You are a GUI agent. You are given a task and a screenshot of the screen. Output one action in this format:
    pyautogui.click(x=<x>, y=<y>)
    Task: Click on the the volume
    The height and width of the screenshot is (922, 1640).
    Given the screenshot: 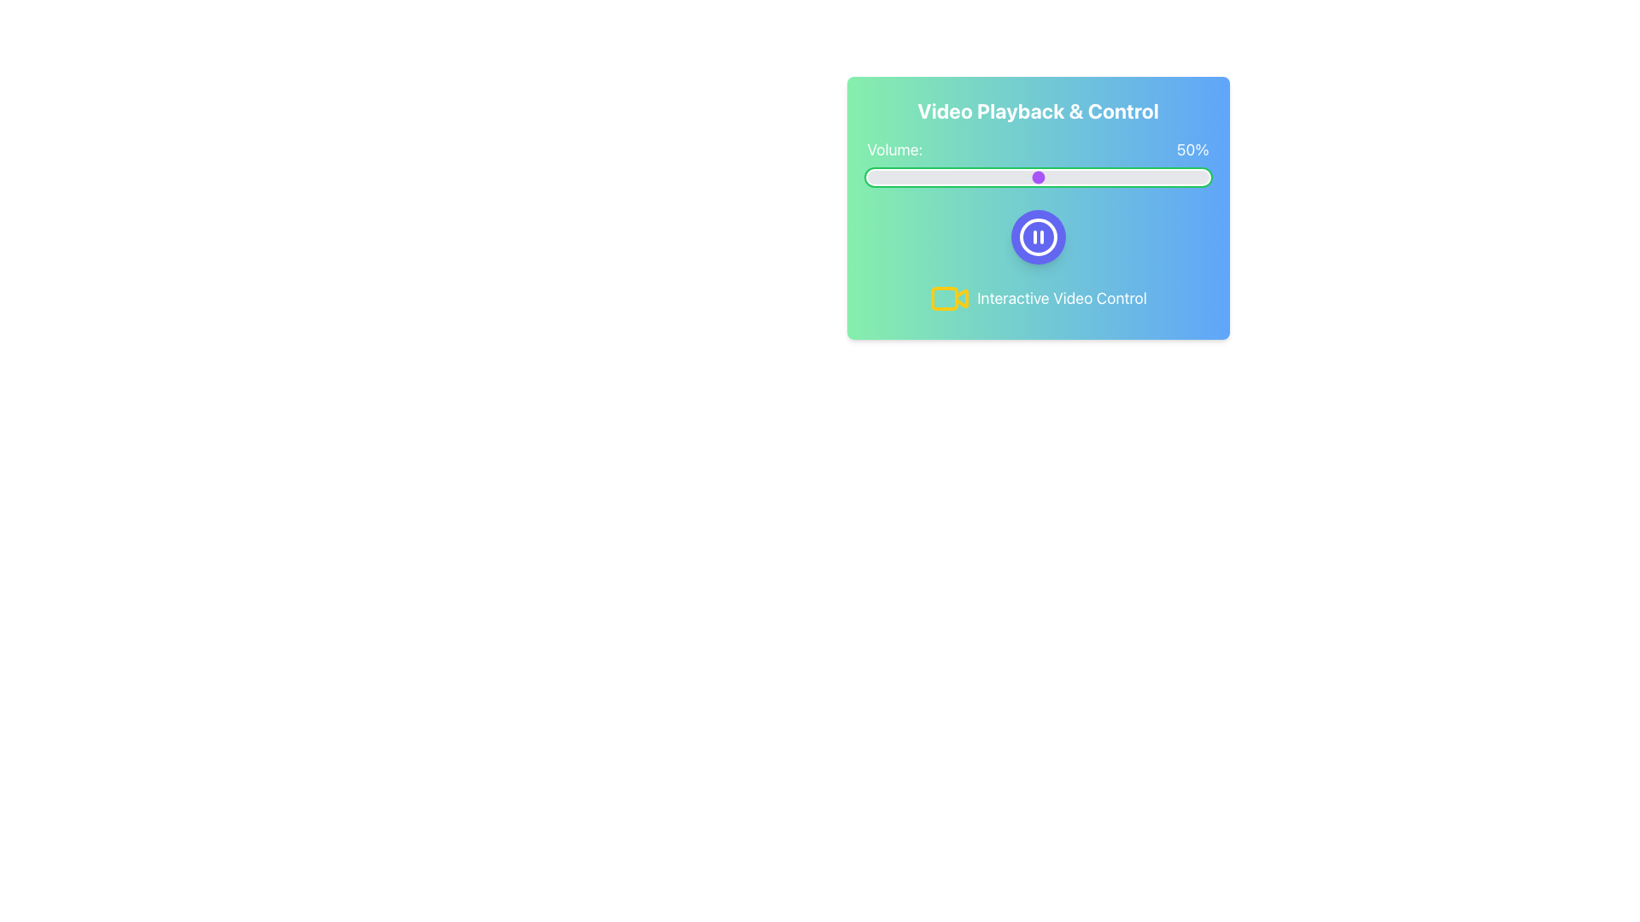 What is the action you would take?
    pyautogui.click(x=1021, y=178)
    